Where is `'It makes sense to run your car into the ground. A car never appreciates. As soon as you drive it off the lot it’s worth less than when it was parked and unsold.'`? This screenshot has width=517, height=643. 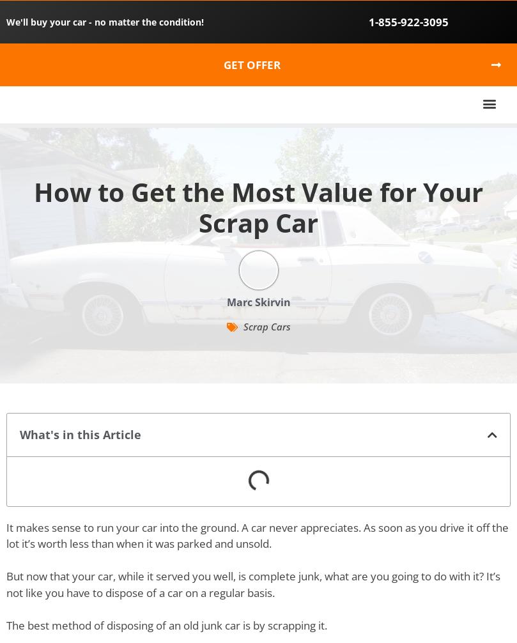 'It makes sense to run your car into the ground. A car never appreciates. As soon as you drive it off the lot it’s worth less than when it was parked and unsold.' is located at coordinates (257, 534).